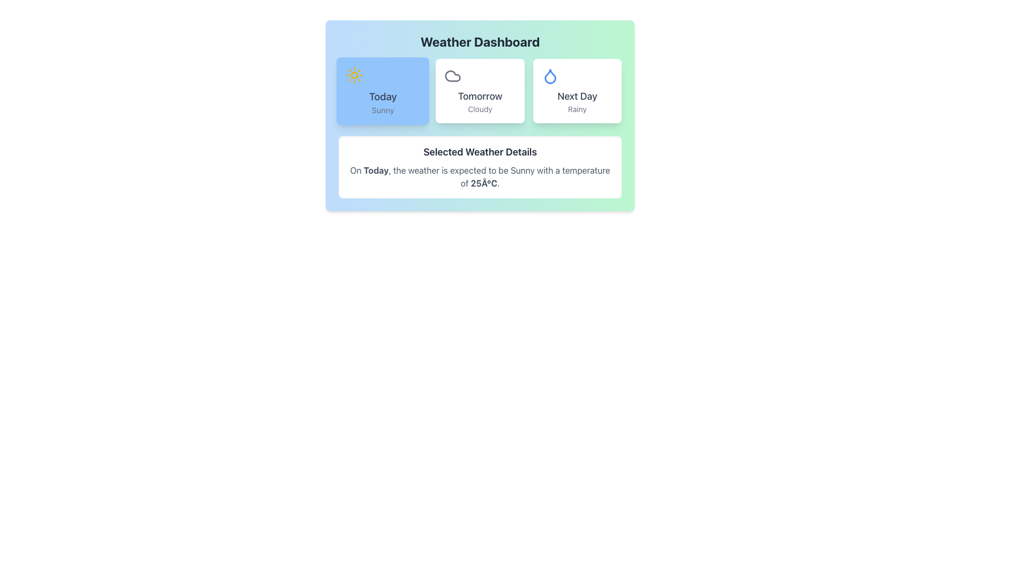 The height and width of the screenshot is (579, 1029). Describe the element at coordinates (550, 76) in the screenshot. I see `the blue droplet-like graphic icon located within the 'Next Day' card in the Weather Dashboard` at that location.